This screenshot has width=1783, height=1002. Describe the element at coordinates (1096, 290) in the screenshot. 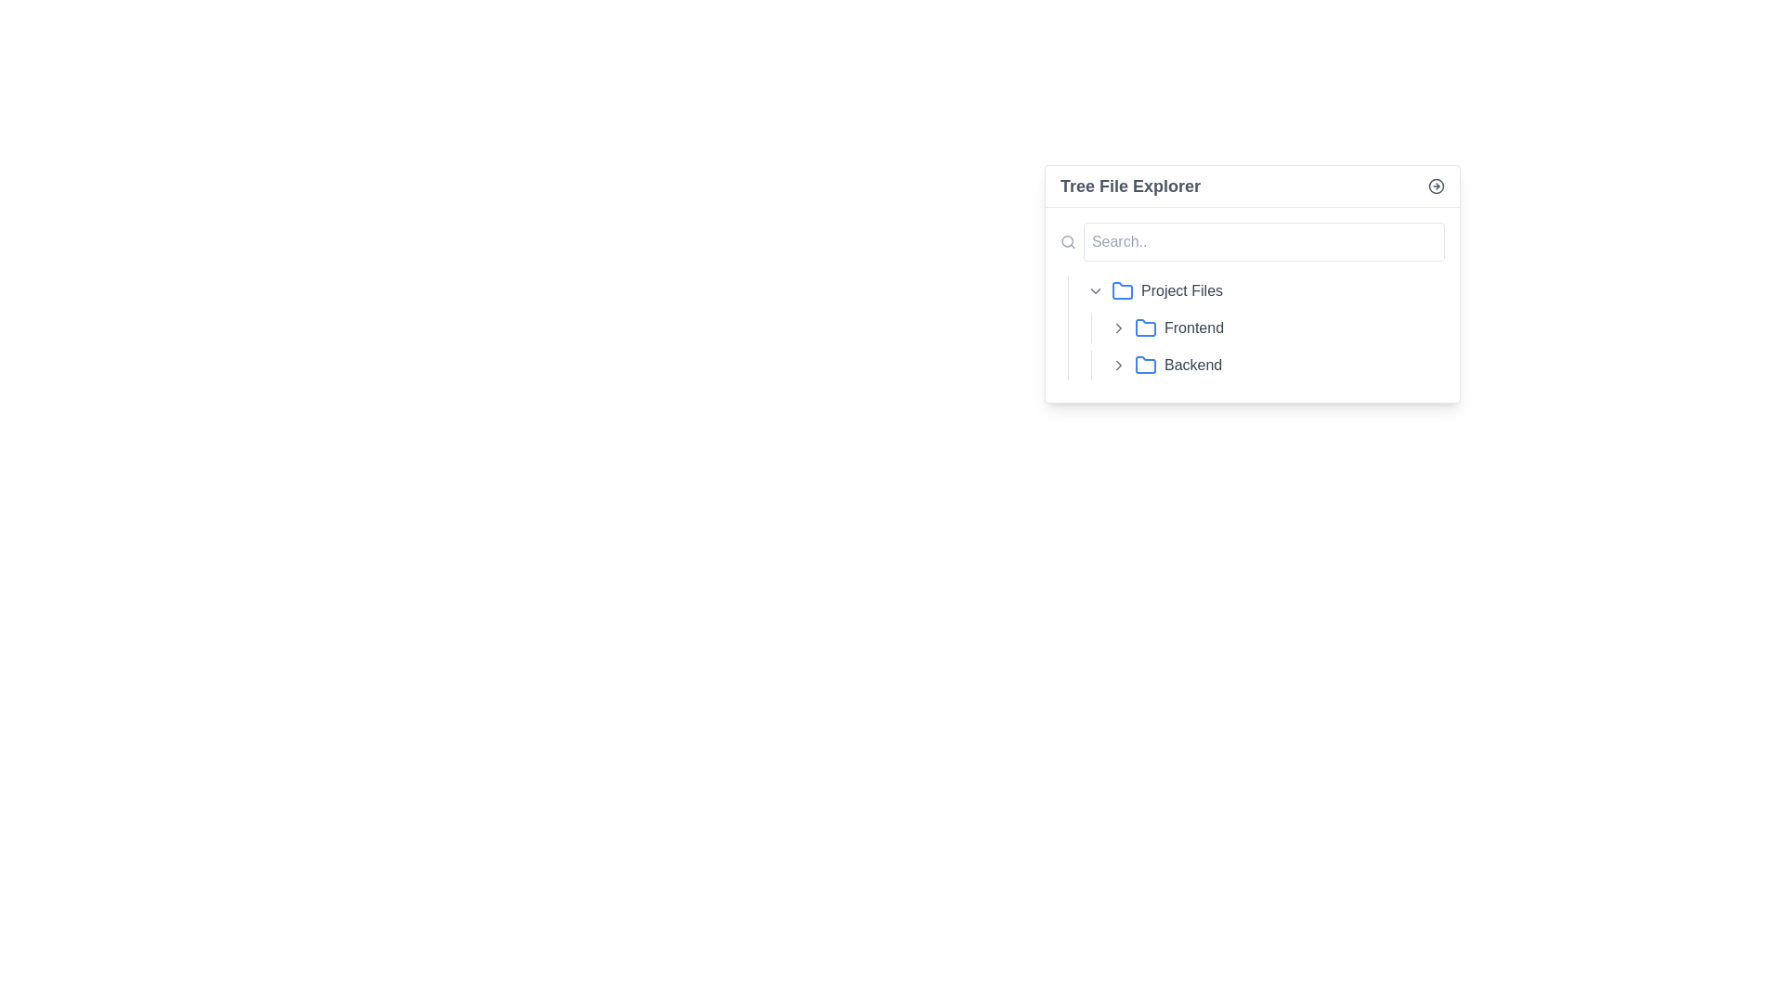

I see `the Dropdown indicator (chevron arrow)` at that location.